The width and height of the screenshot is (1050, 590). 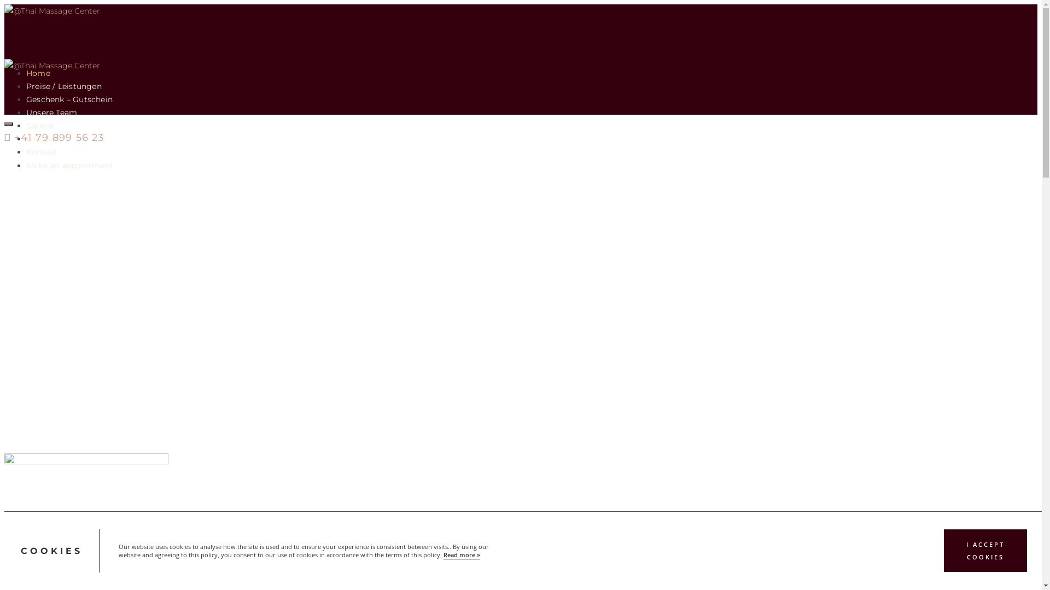 What do you see at coordinates (38, 73) in the screenshot?
I see `'Home'` at bounding box center [38, 73].